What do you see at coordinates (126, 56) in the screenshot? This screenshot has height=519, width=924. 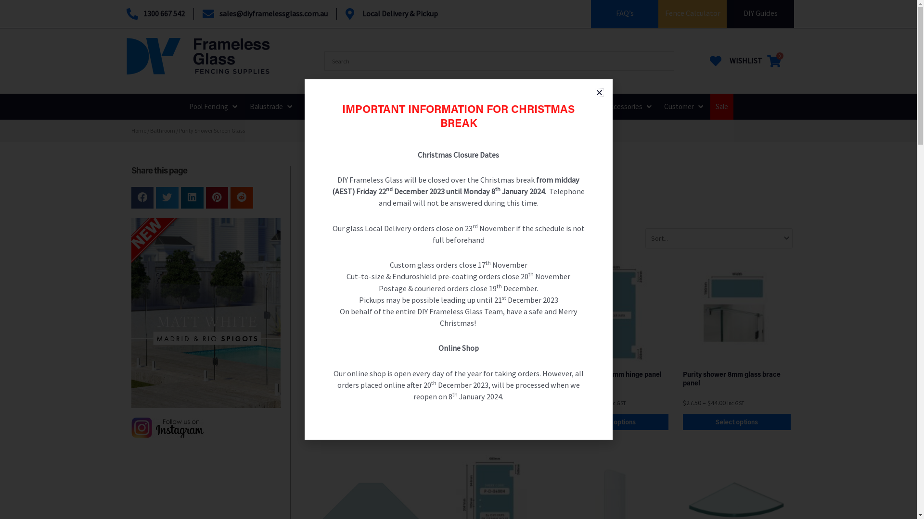 I see `'DIY Frameless Glass | Fencing Supplies Australia'` at bounding box center [126, 56].